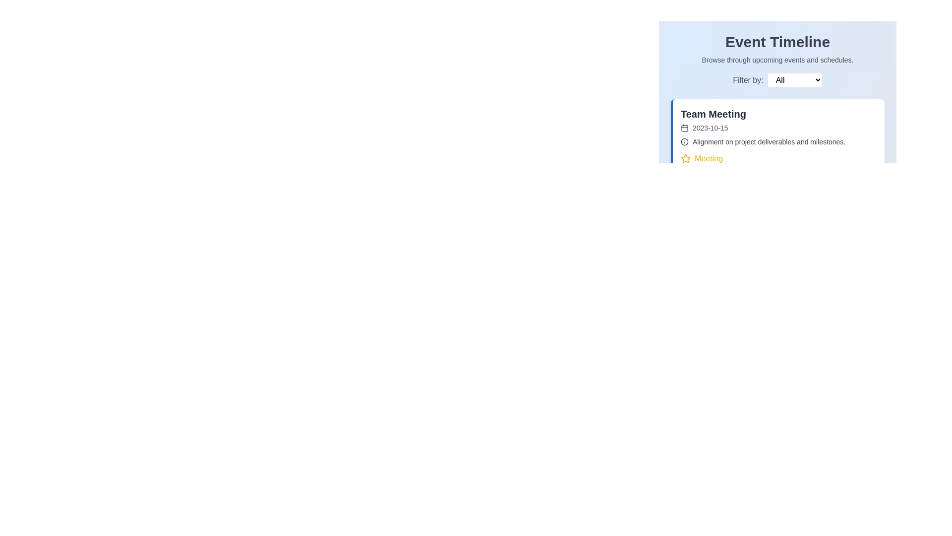  Describe the element at coordinates (684, 128) in the screenshot. I see `the calendar icon located to the left of the '2023-10-15' text` at that location.